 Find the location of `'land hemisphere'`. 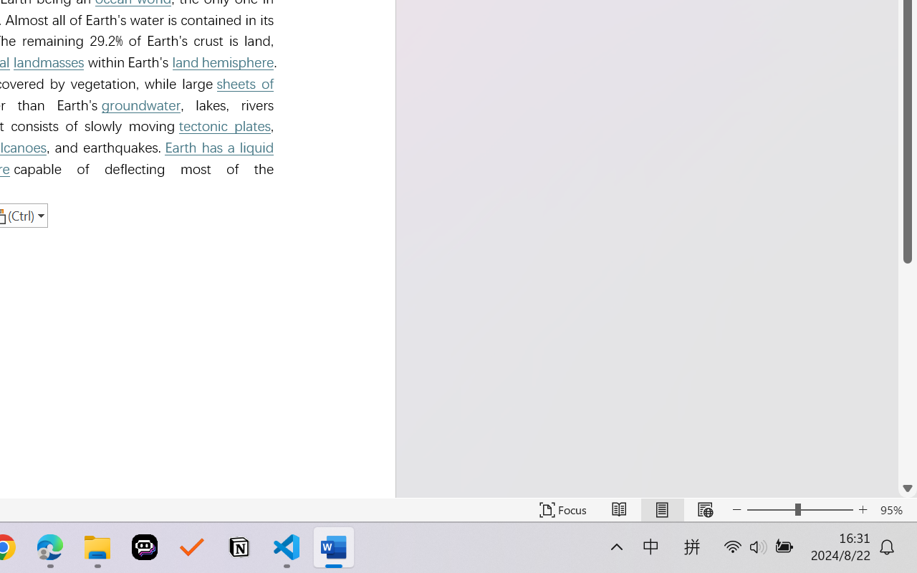

'land hemisphere' is located at coordinates (222, 62).